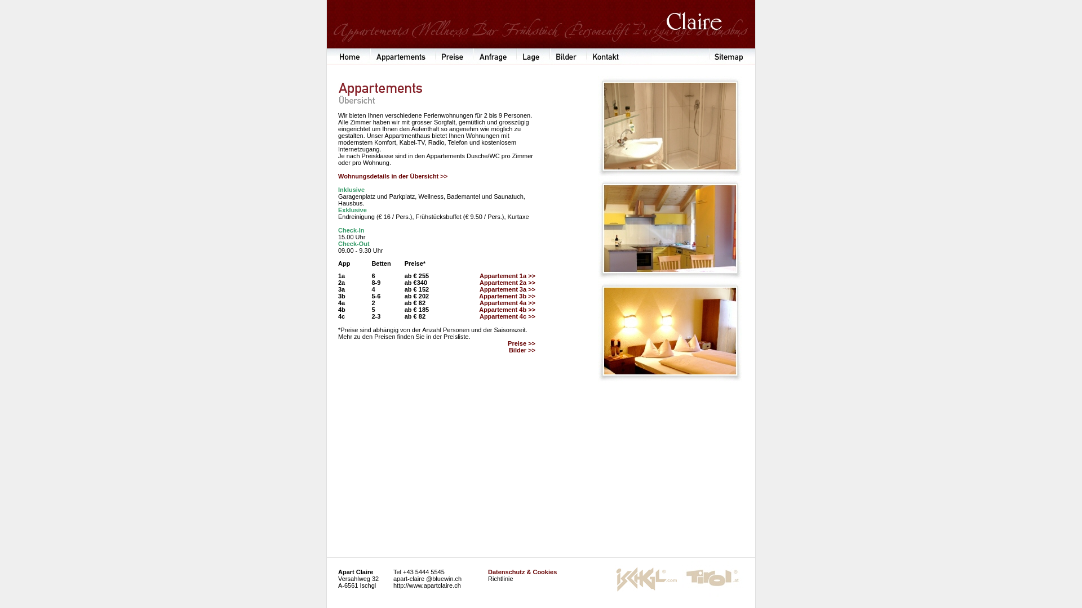 This screenshot has width=1082, height=608. What do you see at coordinates (507, 275) in the screenshot?
I see `'Appartement 1a >>'` at bounding box center [507, 275].